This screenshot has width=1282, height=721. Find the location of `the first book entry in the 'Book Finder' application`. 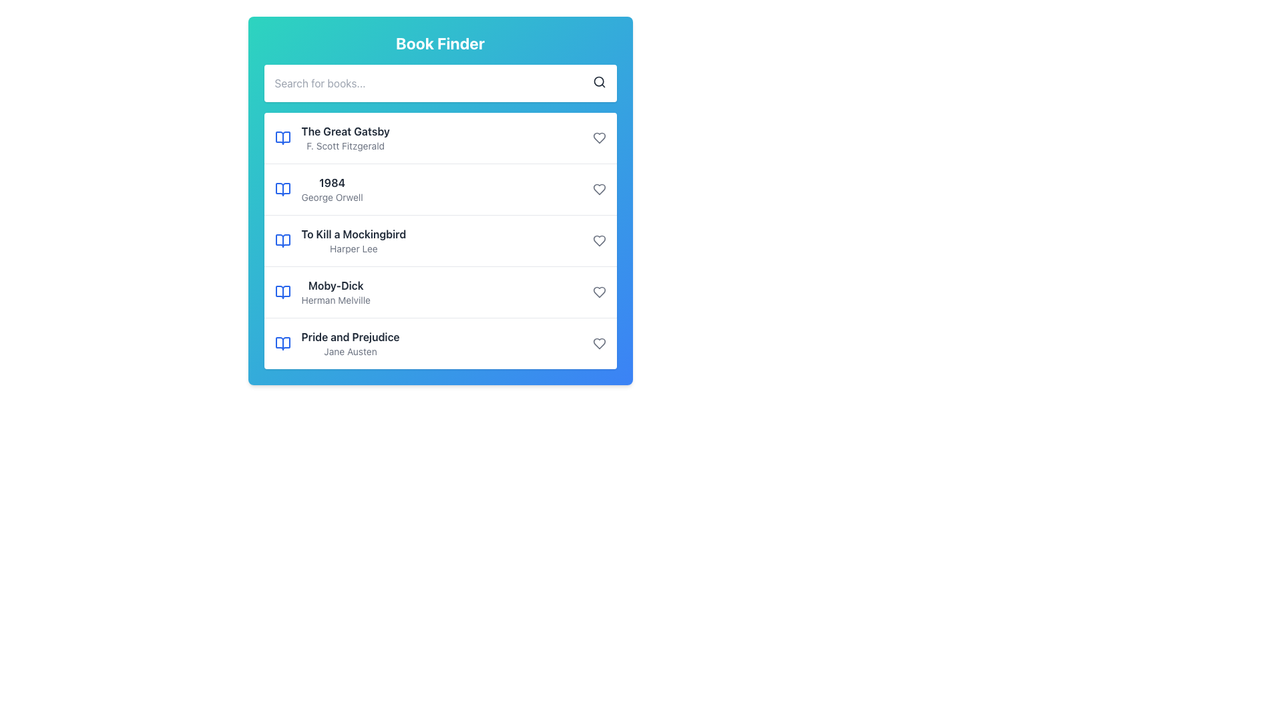

the first book entry in the 'Book Finder' application is located at coordinates (345, 138).